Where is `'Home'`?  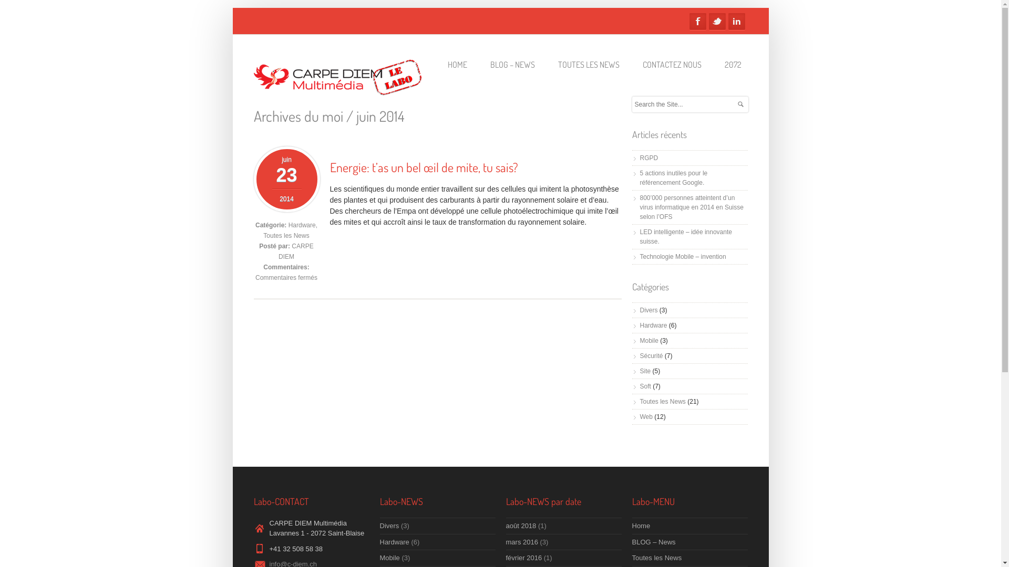
'Home' is located at coordinates (631, 526).